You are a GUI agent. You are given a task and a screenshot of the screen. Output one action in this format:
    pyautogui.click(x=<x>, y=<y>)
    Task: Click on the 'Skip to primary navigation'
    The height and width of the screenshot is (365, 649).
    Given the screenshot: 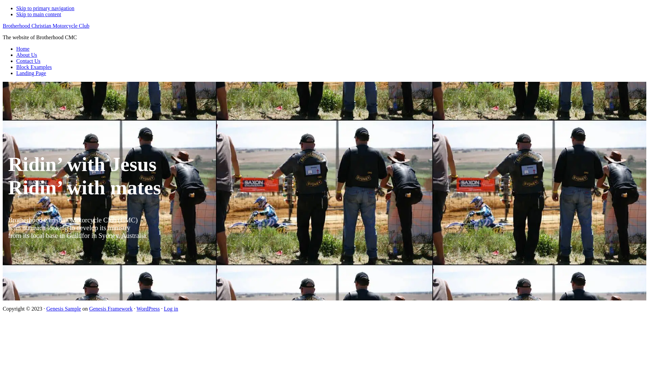 What is the action you would take?
    pyautogui.click(x=45, y=8)
    